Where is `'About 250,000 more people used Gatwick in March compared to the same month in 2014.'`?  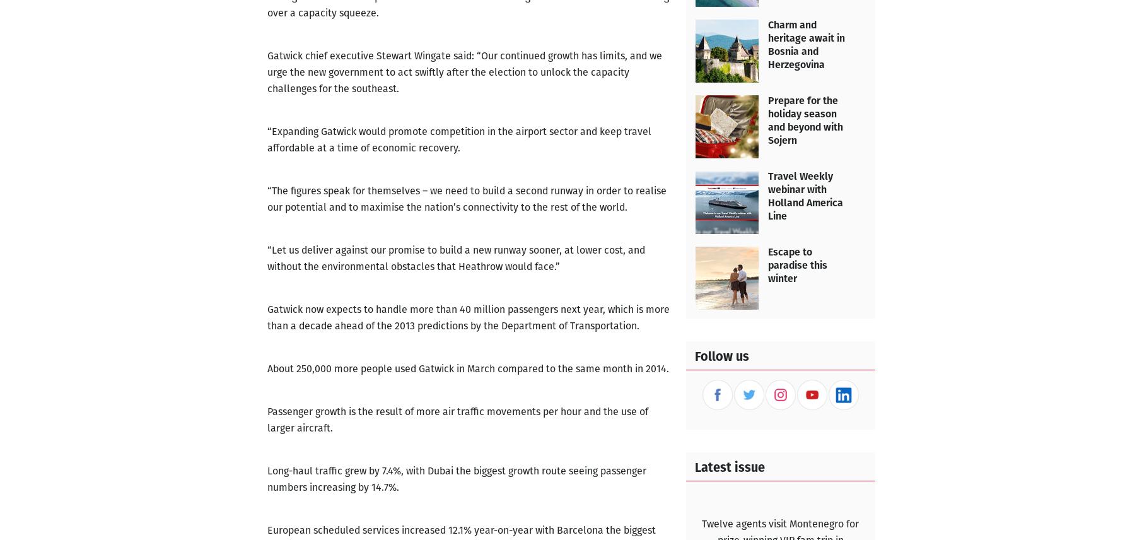 'About 250,000 more people used Gatwick in March compared to the same month in 2014.' is located at coordinates (467, 368).